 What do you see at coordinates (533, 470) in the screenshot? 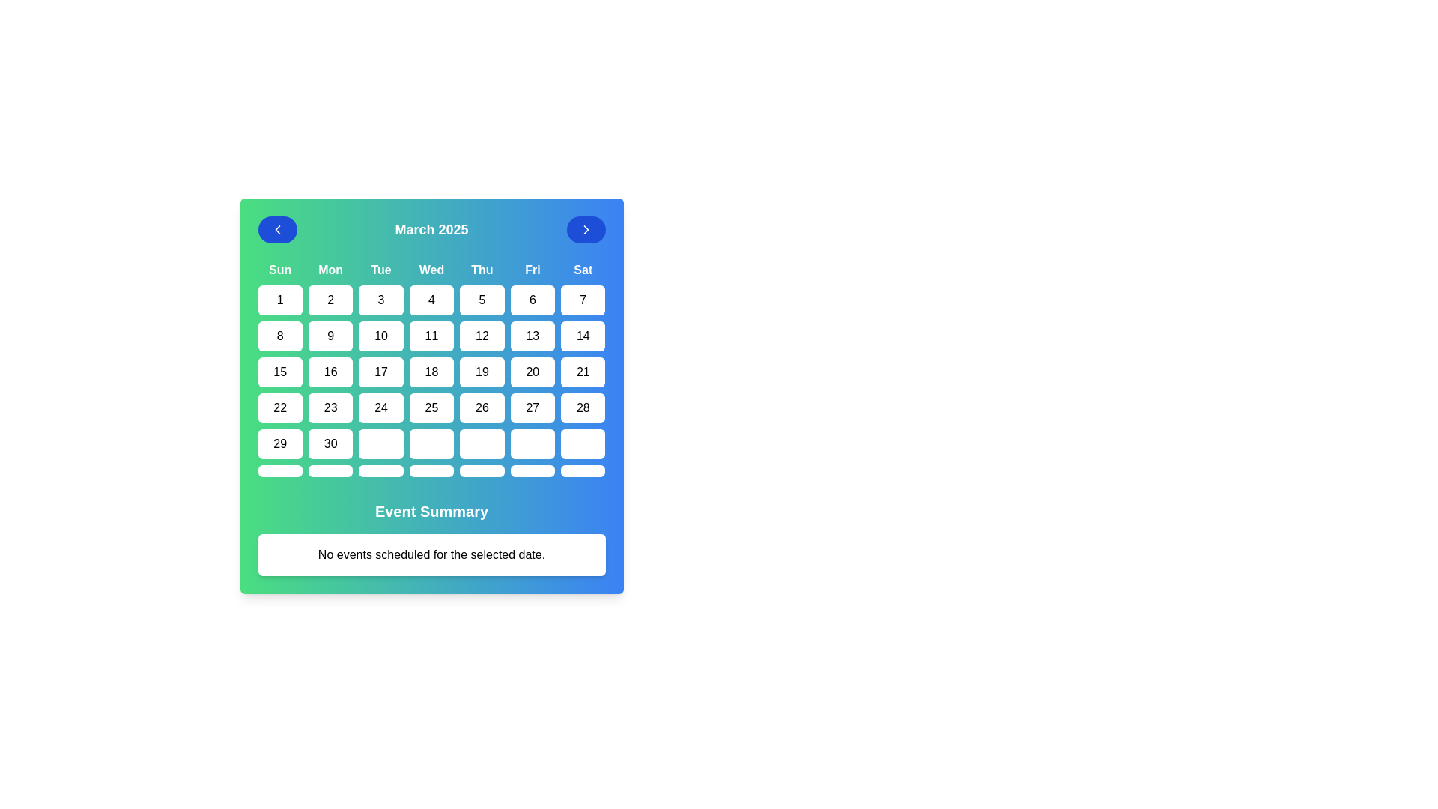
I see `the sixth empty cell in the last row of the calendar grid` at bounding box center [533, 470].